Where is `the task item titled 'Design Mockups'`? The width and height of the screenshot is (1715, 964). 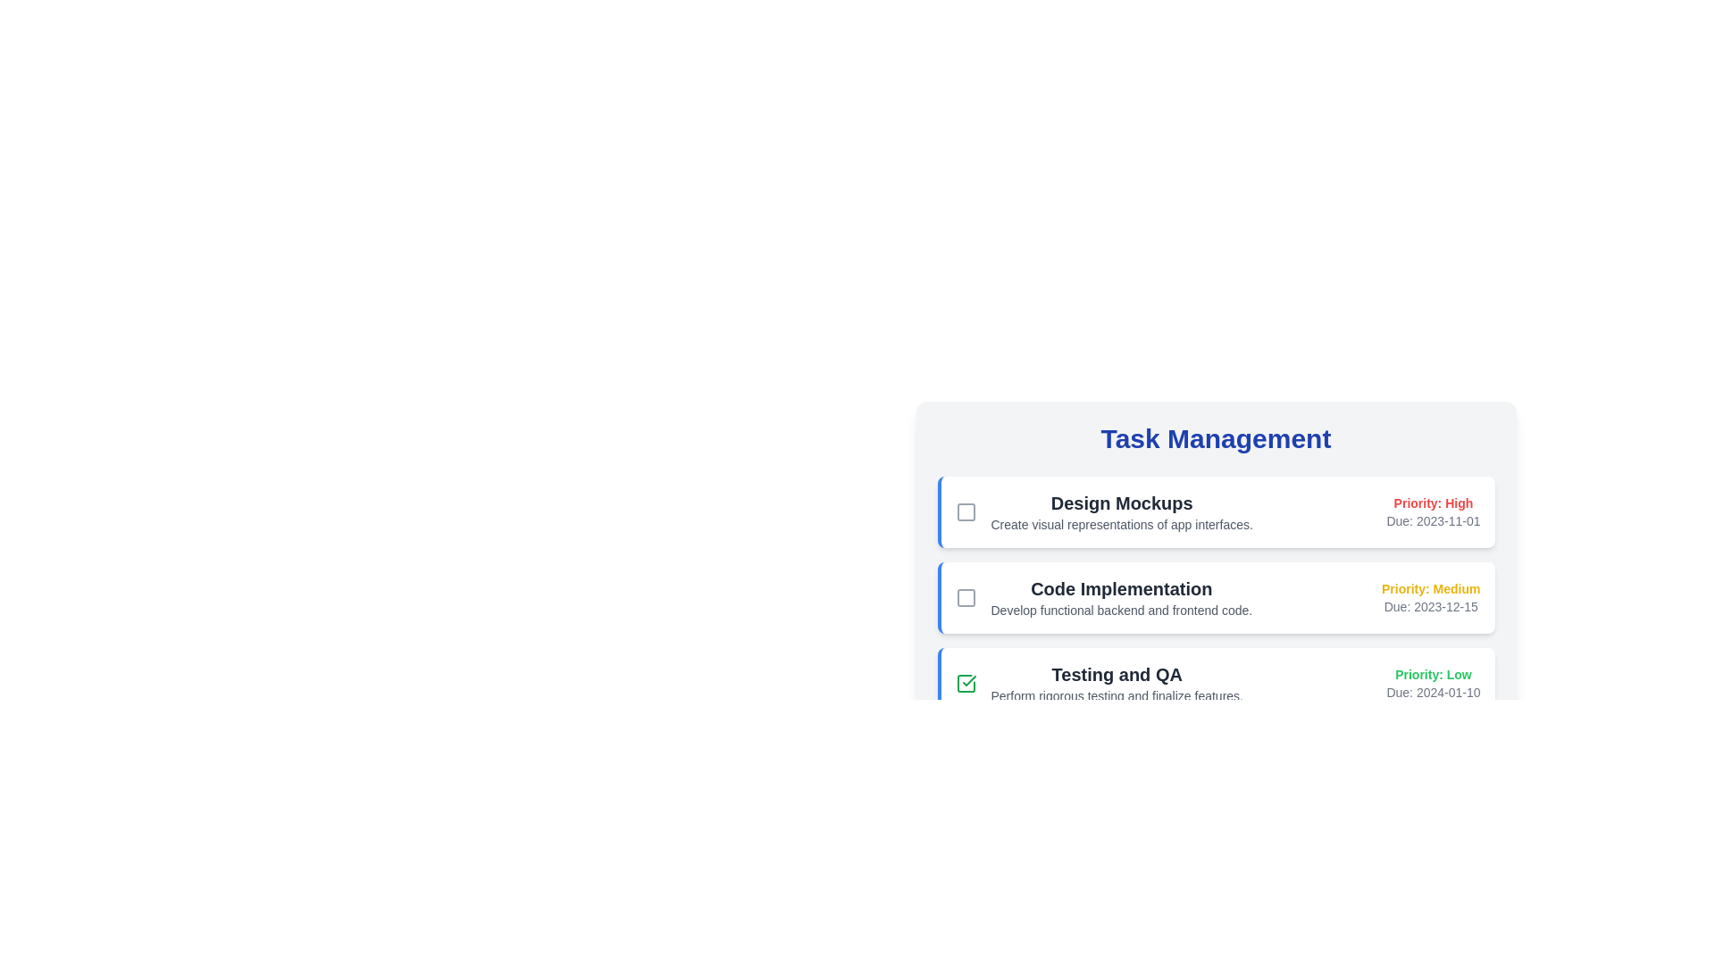 the task item titled 'Design Mockups' is located at coordinates (1103, 512).